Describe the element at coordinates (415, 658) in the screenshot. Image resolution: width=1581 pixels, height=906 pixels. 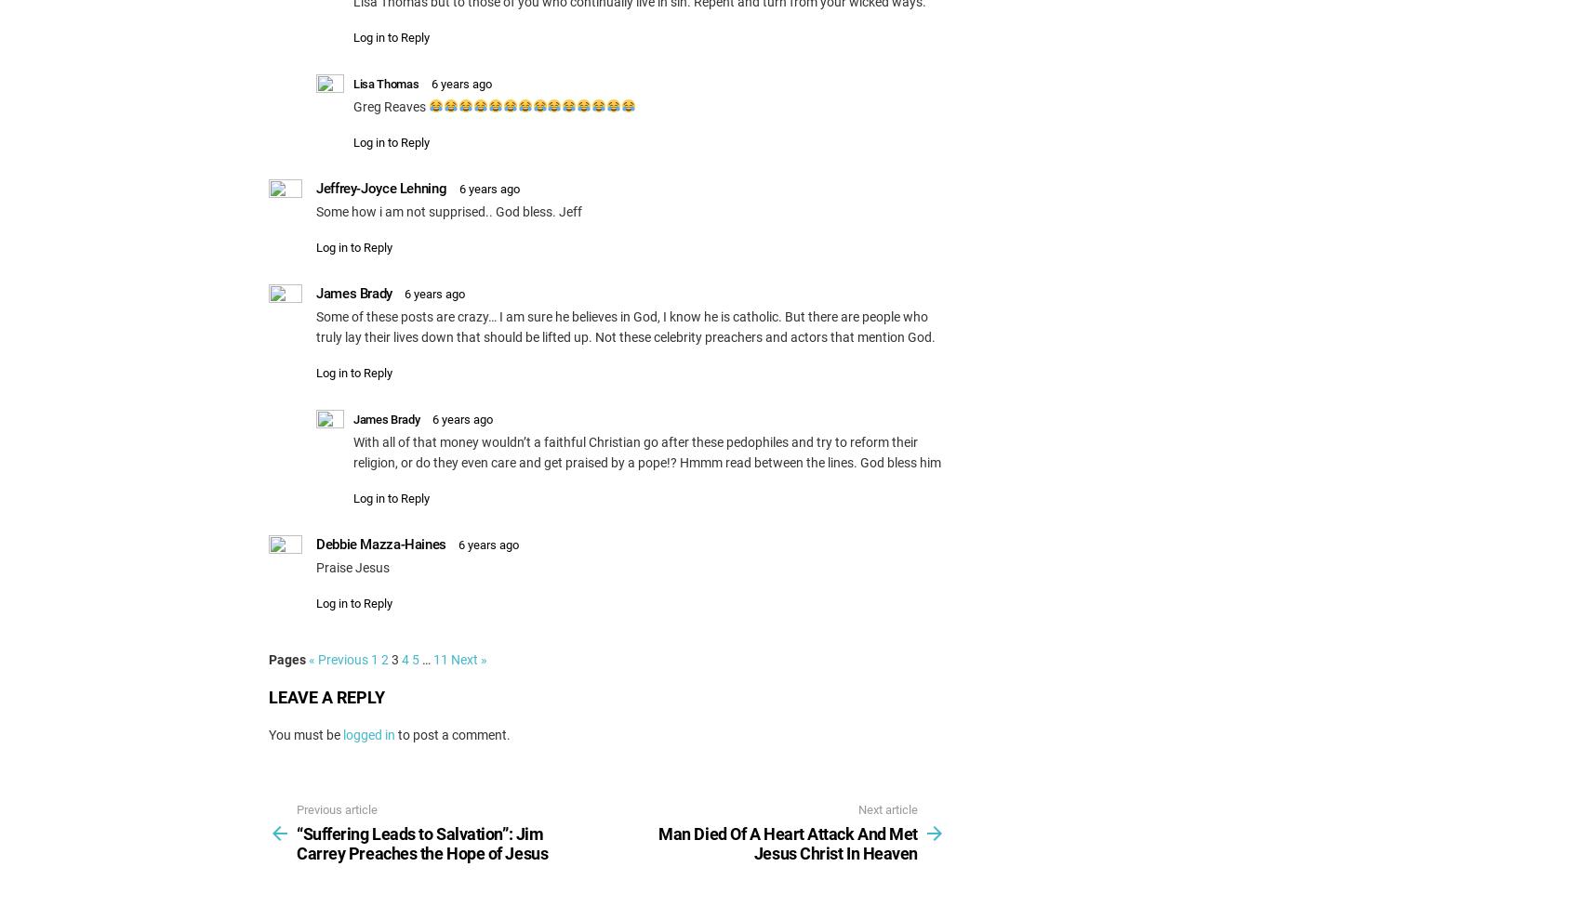
I see `'5'` at that location.